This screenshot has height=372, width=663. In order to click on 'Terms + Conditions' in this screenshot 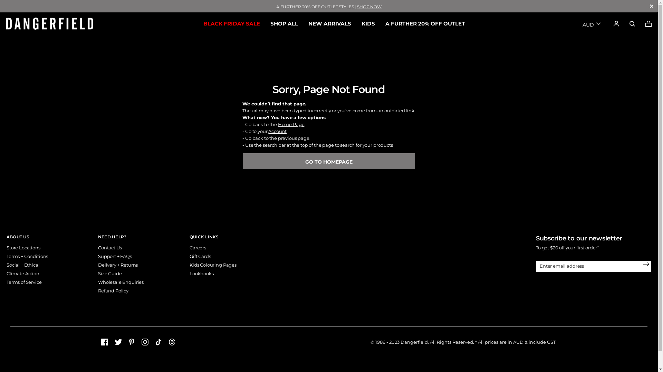, I will do `click(7, 256)`.